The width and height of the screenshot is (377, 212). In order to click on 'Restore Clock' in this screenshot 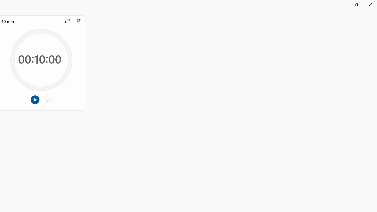, I will do `click(356, 4)`.